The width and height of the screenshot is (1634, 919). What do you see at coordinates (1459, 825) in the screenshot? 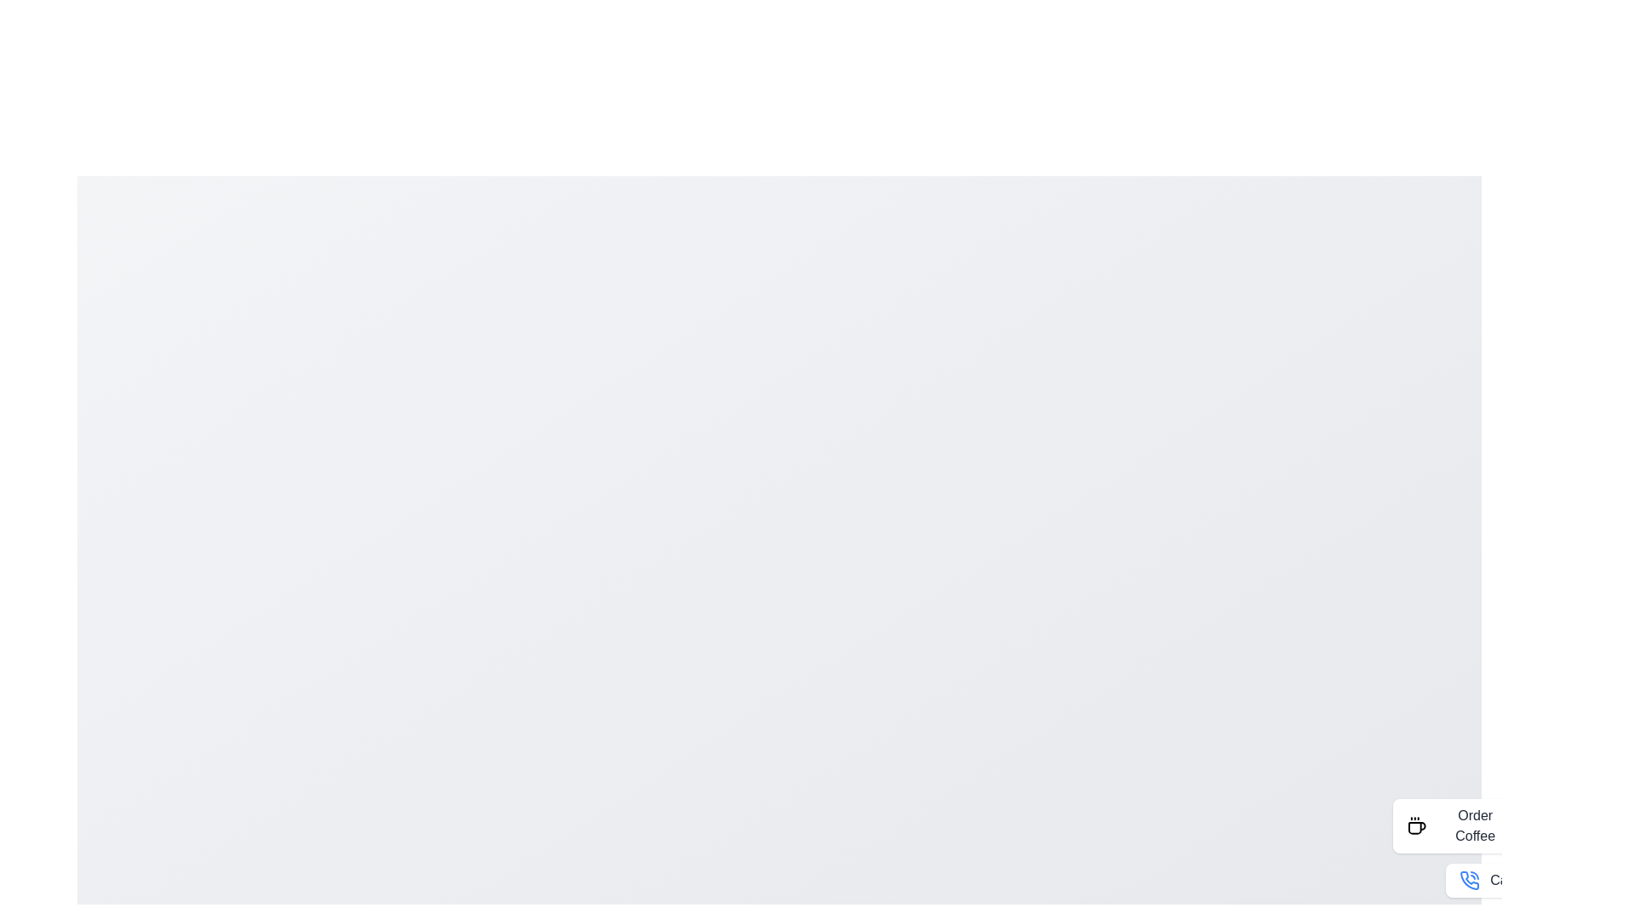
I see `the action button labeled Order Coffee` at bounding box center [1459, 825].